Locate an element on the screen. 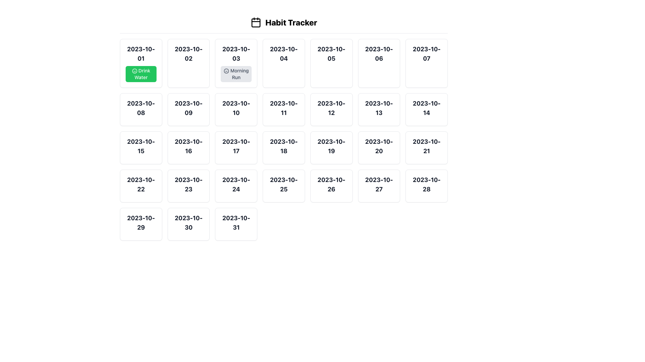 Image resolution: width=645 pixels, height=362 pixels. the Label displaying the date '2023-10-31' which is positioned in the bottom-right corner above a secondary element is located at coordinates (236, 223).